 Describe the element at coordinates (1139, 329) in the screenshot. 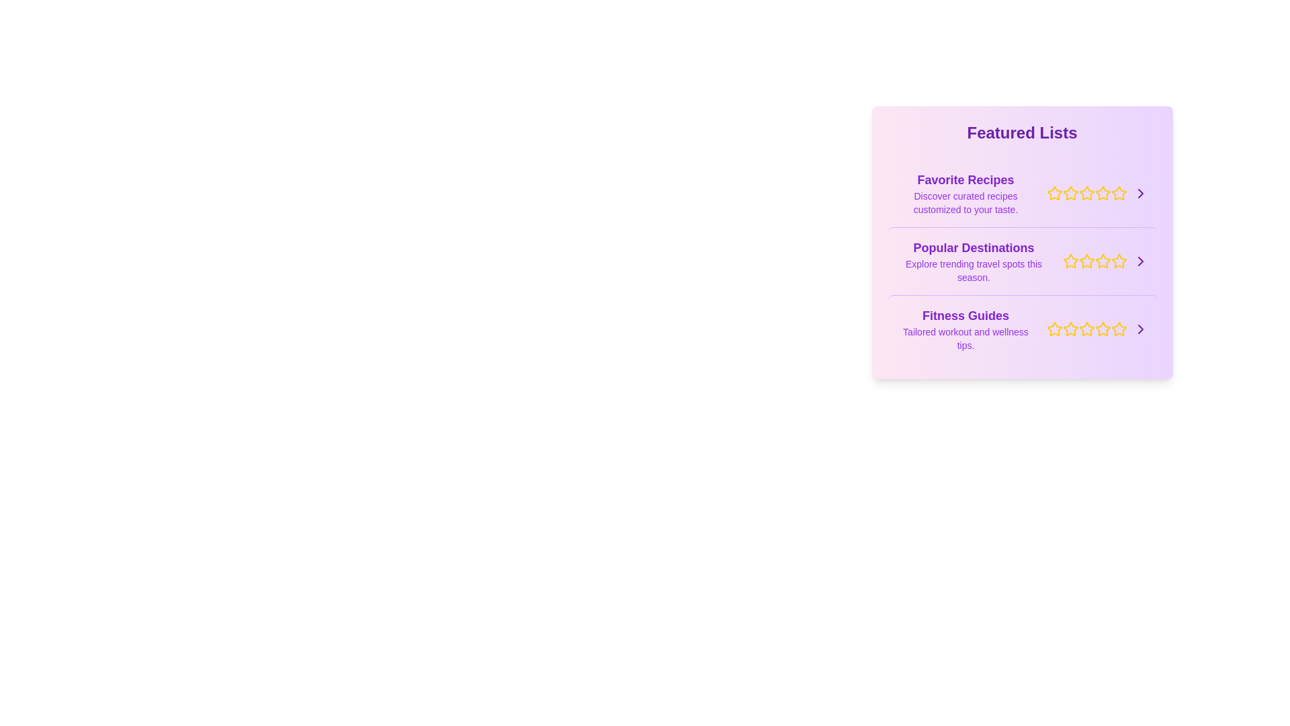

I see `the chevron icon to navigate to the detailed information of Fitness Guides` at that location.